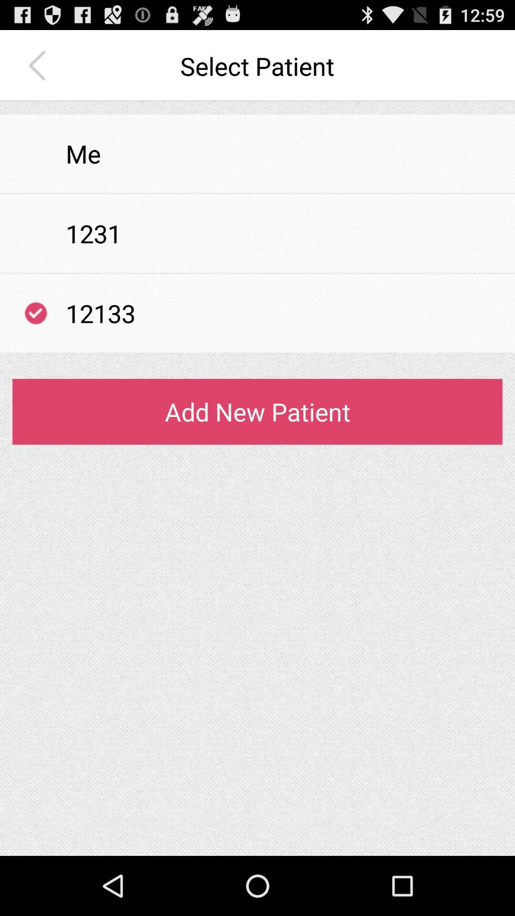 Image resolution: width=515 pixels, height=916 pixels. Describe the element at coordinates (101, 313) in the screenshot. I see `the 12133 item` at that location.